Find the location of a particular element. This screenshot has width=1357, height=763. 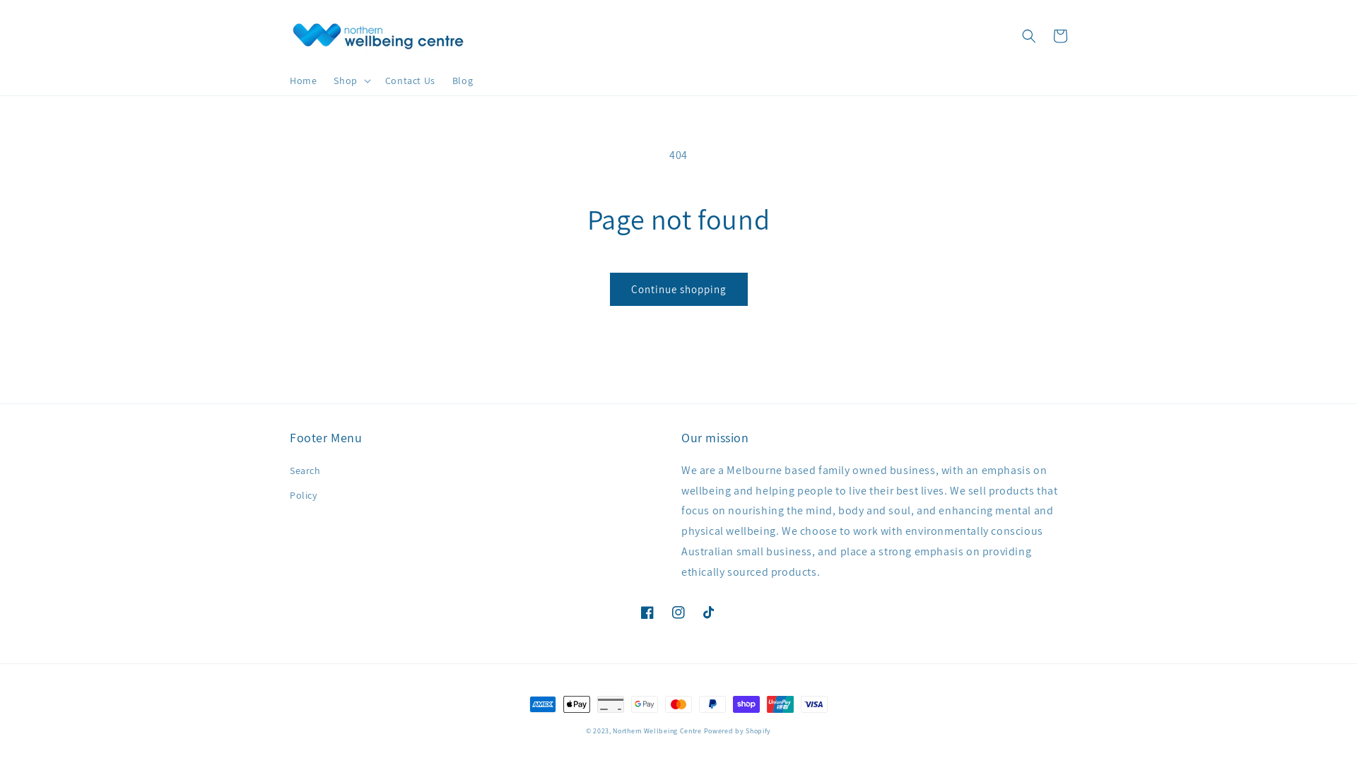

'TikTok' is located at coordinates (694, 612).